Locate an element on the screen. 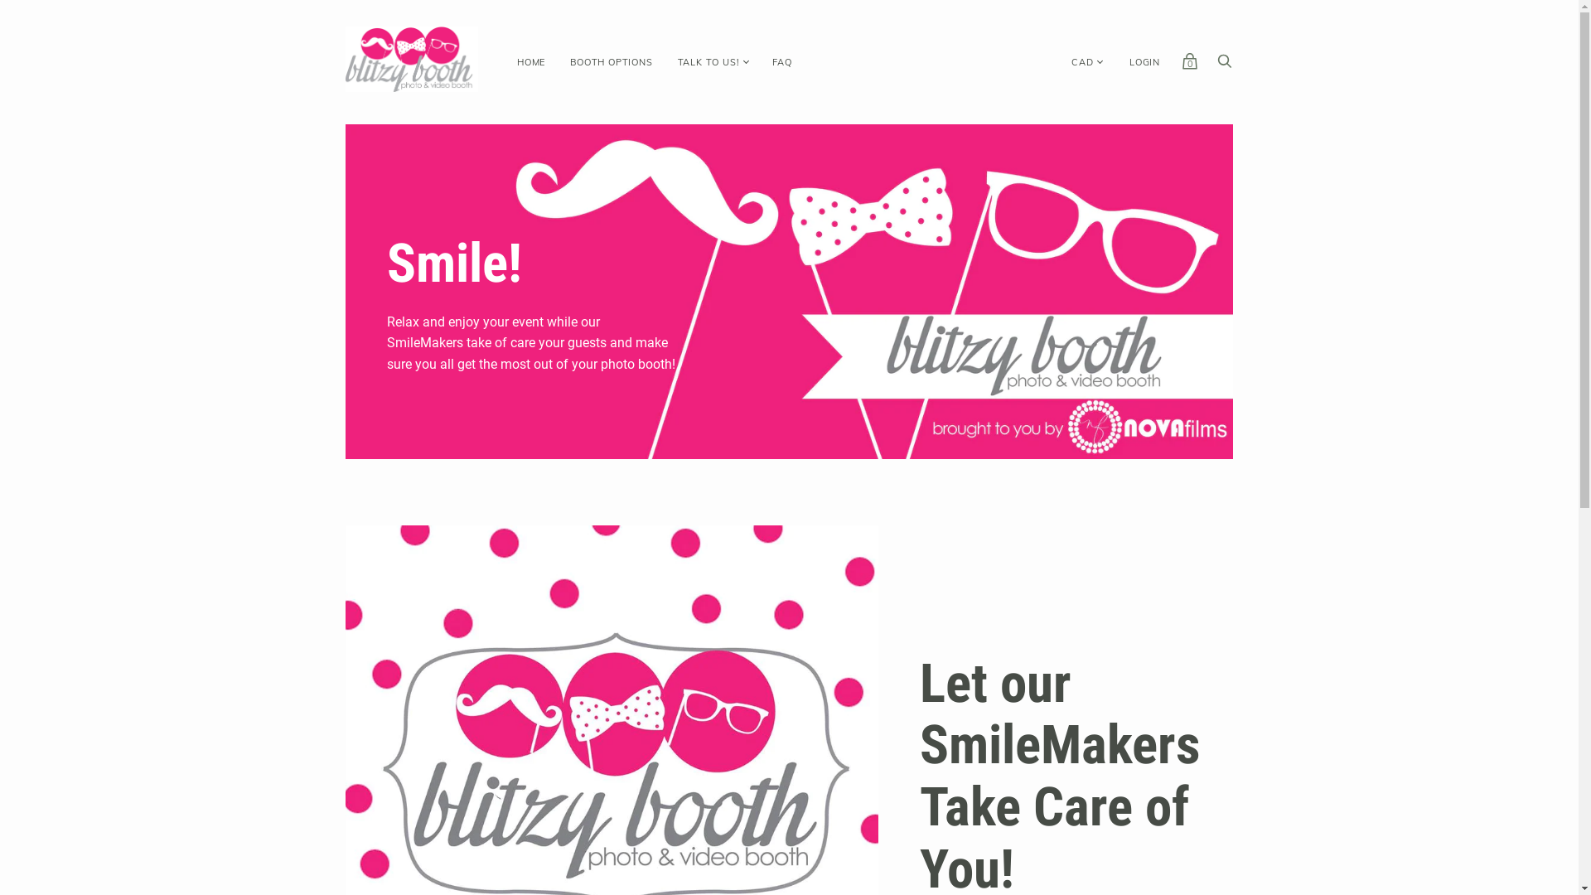 This screenshot has width=1591, height=895. 'BOOTH OPTIONS' is located at coordinates (610, 61).